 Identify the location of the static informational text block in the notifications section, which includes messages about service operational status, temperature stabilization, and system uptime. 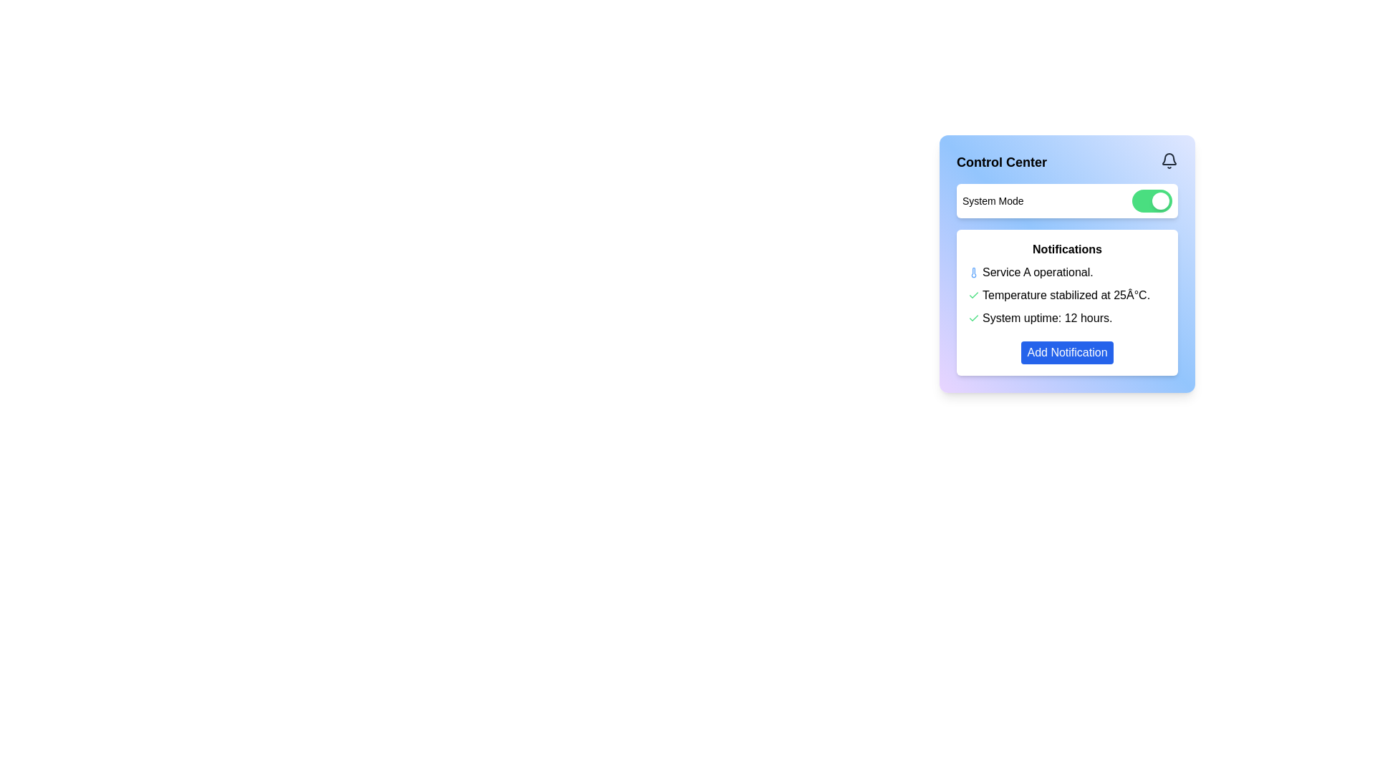
(1067, 294).